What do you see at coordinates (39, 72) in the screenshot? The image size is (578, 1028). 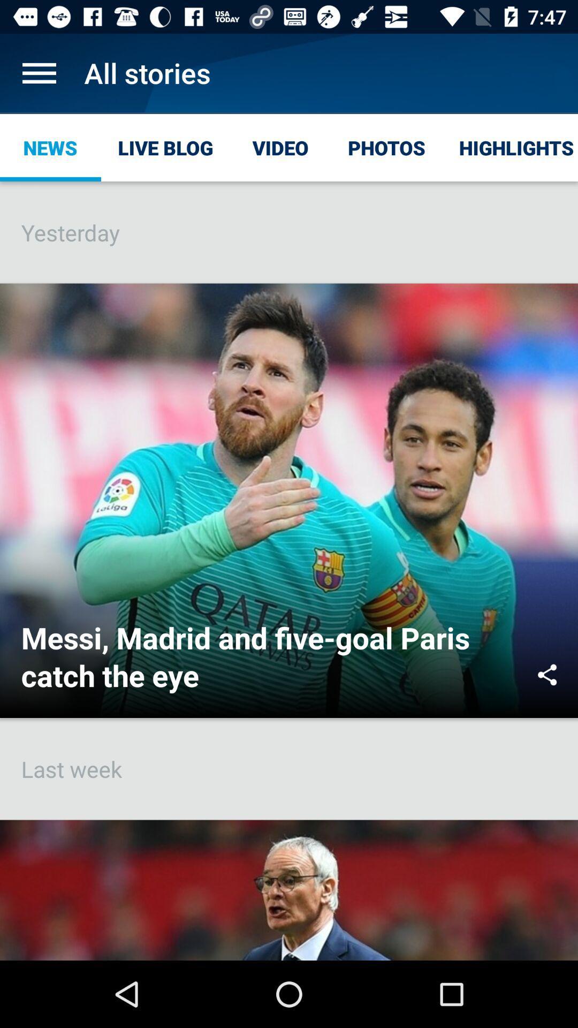 I see `icon to the left of the all stories` at bounding box center [39, 72].